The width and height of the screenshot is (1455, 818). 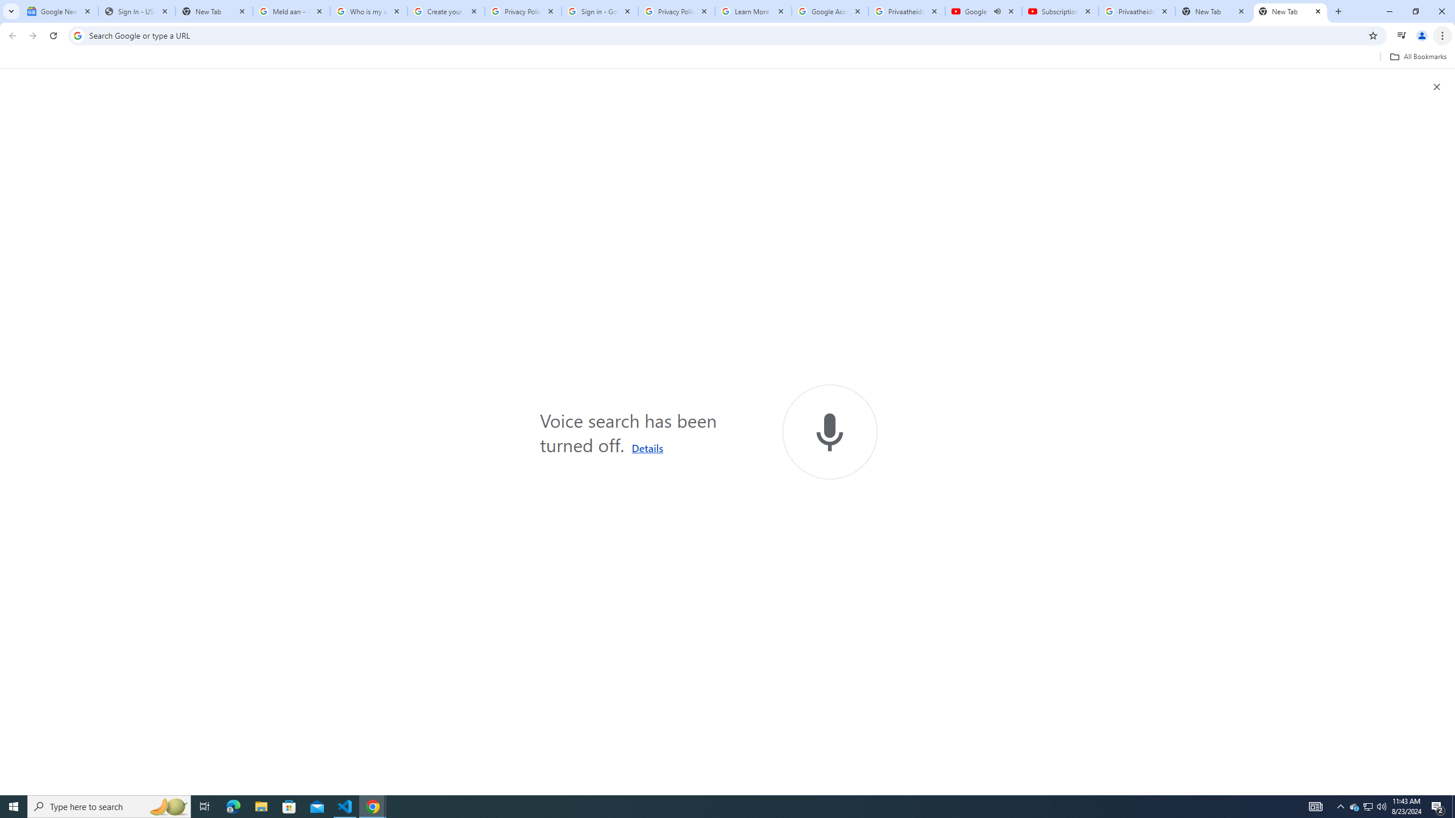 What do you see at coordinates (829, 11) in the screenshot?
I see `'Google Account'` at bounding box center [829, 11].